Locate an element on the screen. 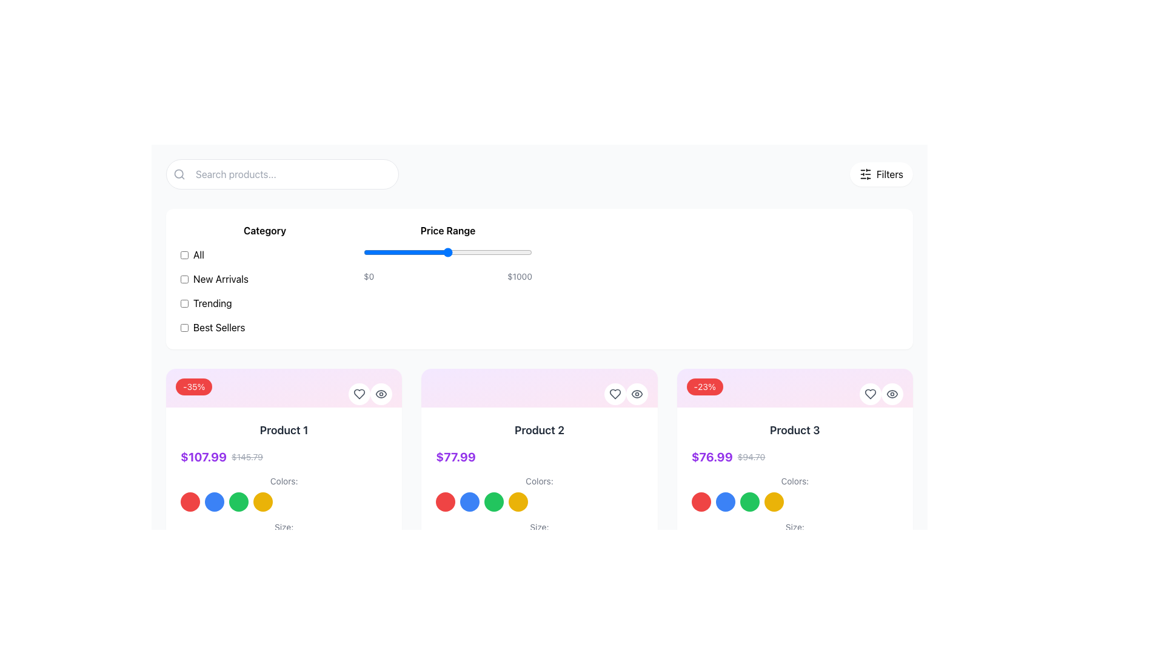  the text label displaying the previous price '$145.79' within the 'Product 1' card, which is styled with a line-through effect to indicate it is a discounted price is located at coordinates (247, 457).